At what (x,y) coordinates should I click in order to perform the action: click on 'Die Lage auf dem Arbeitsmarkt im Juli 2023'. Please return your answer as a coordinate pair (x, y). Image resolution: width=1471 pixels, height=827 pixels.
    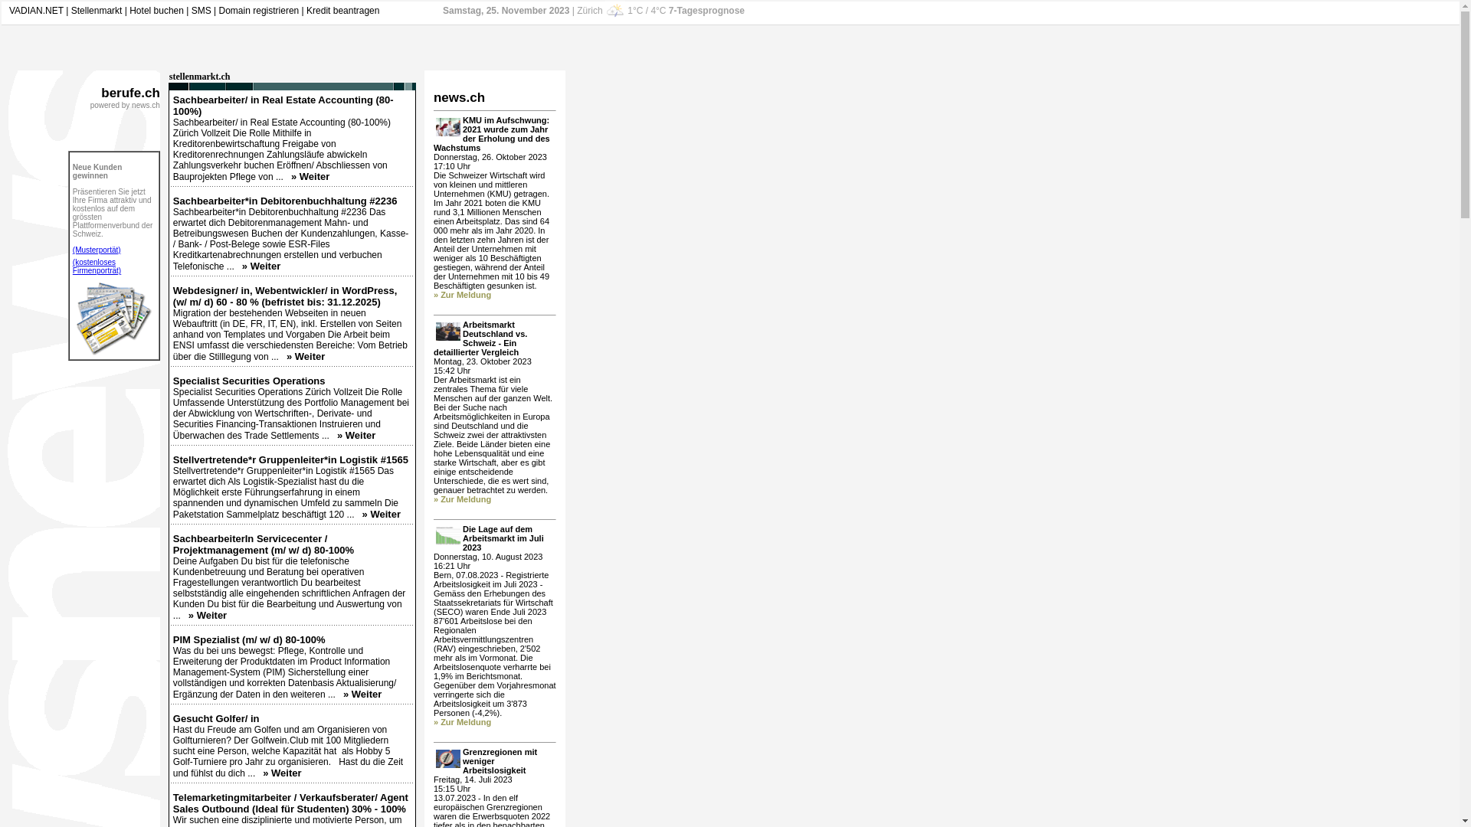
    Looking at the image, I should click on (462, 537).